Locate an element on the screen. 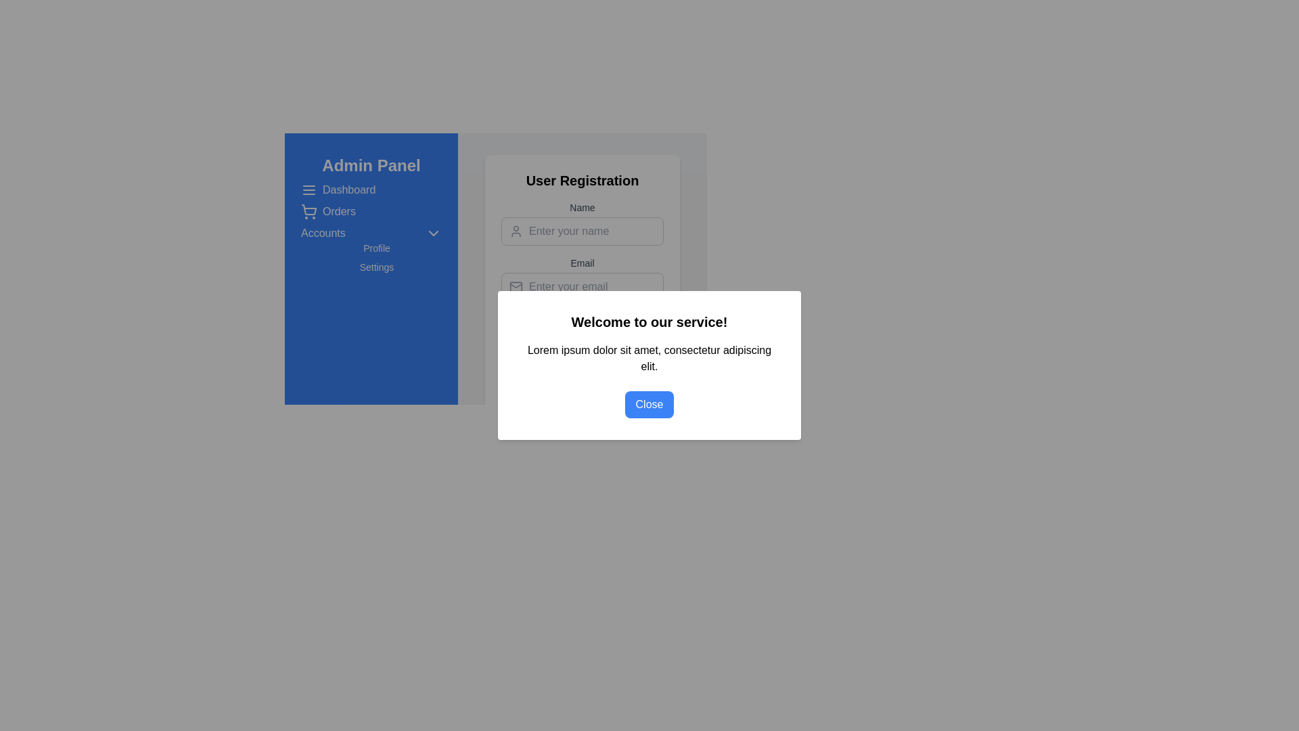  the 'Settings' hyperlink in the vertical navigation bar located below 'Profile' is located at coordinates (376, 267).